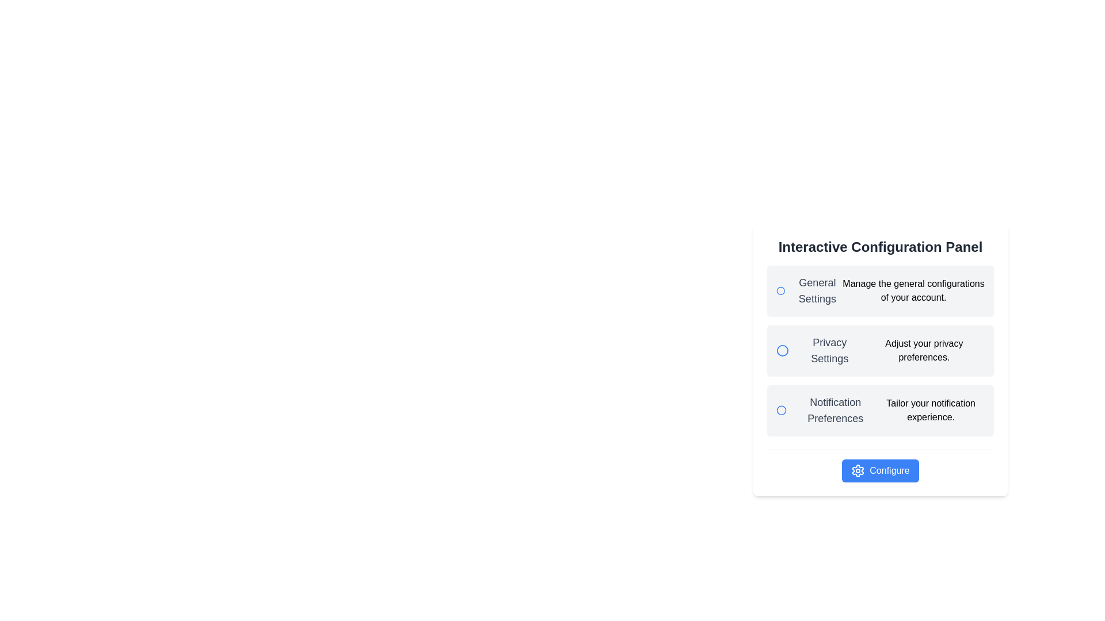  Describe the element at coordinates (782, 409) in the screenshot. I see `the blue outlined circle icon to the left of 'Notification Preferences' in the settings interface` at that location.